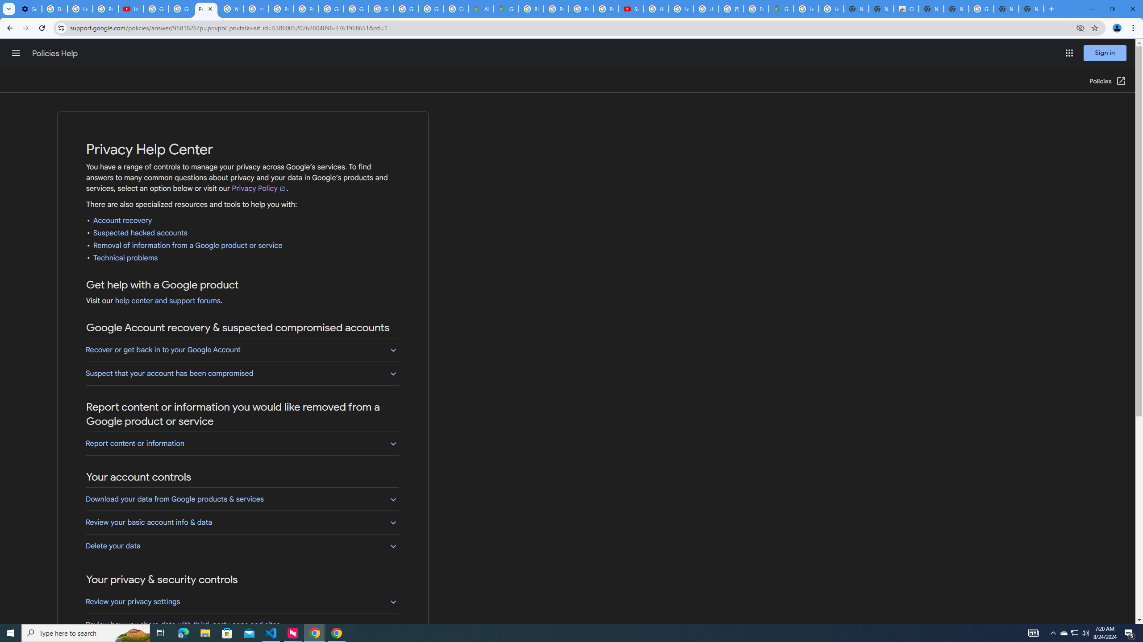 This screenshot has width=1143, height=642. Describe the element at coordinates (15, 53) in the screenshot. I see `'Main menu'` at that location.